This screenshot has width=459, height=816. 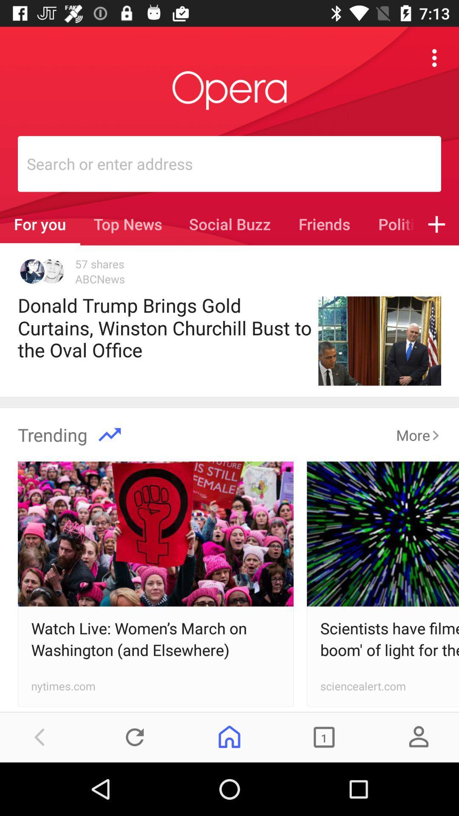 What do you see at coordinates (418, 737) in the screenshot?
I see `the profile icon at the bottom` at bounding box center [418, 737].